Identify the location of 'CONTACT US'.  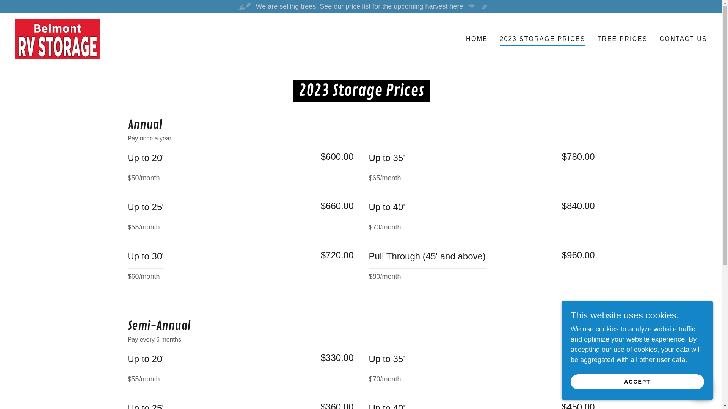
(683, 39).